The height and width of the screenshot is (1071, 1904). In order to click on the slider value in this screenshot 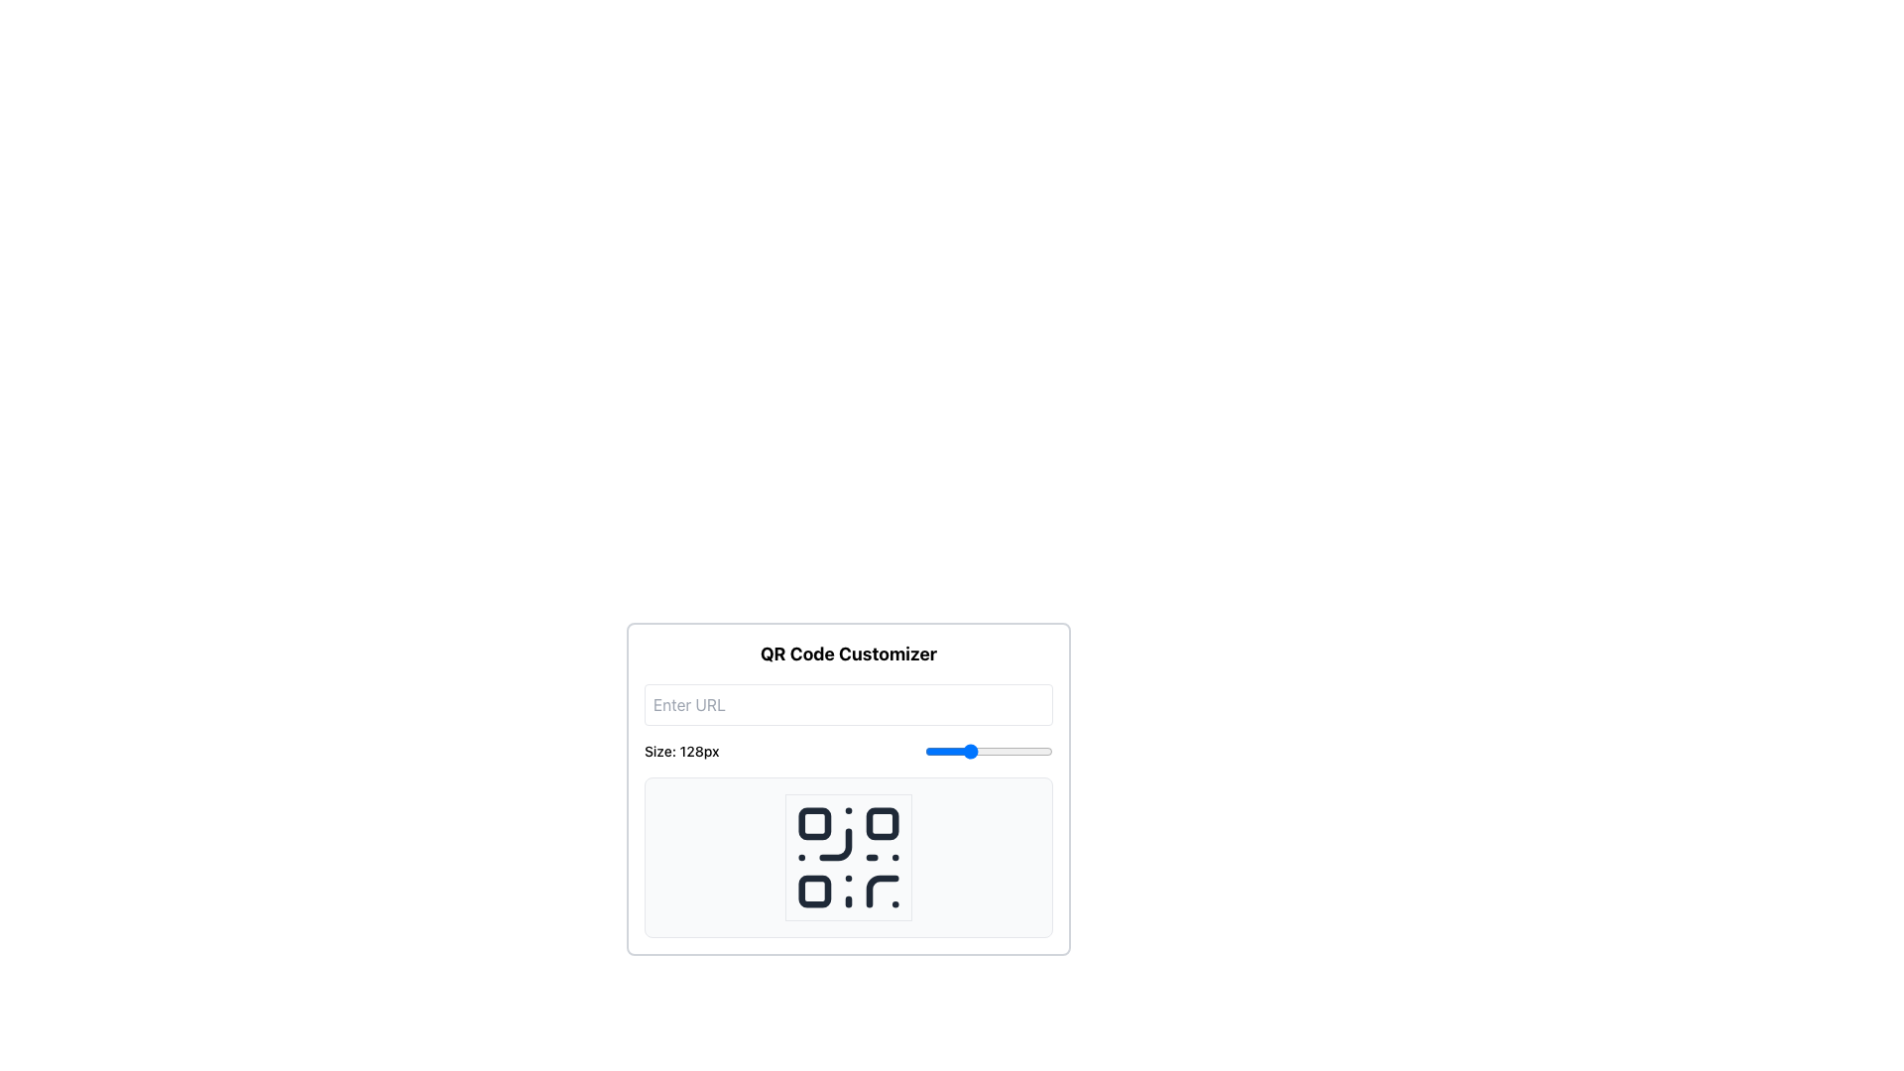, I will do `click(1001, 752)`.